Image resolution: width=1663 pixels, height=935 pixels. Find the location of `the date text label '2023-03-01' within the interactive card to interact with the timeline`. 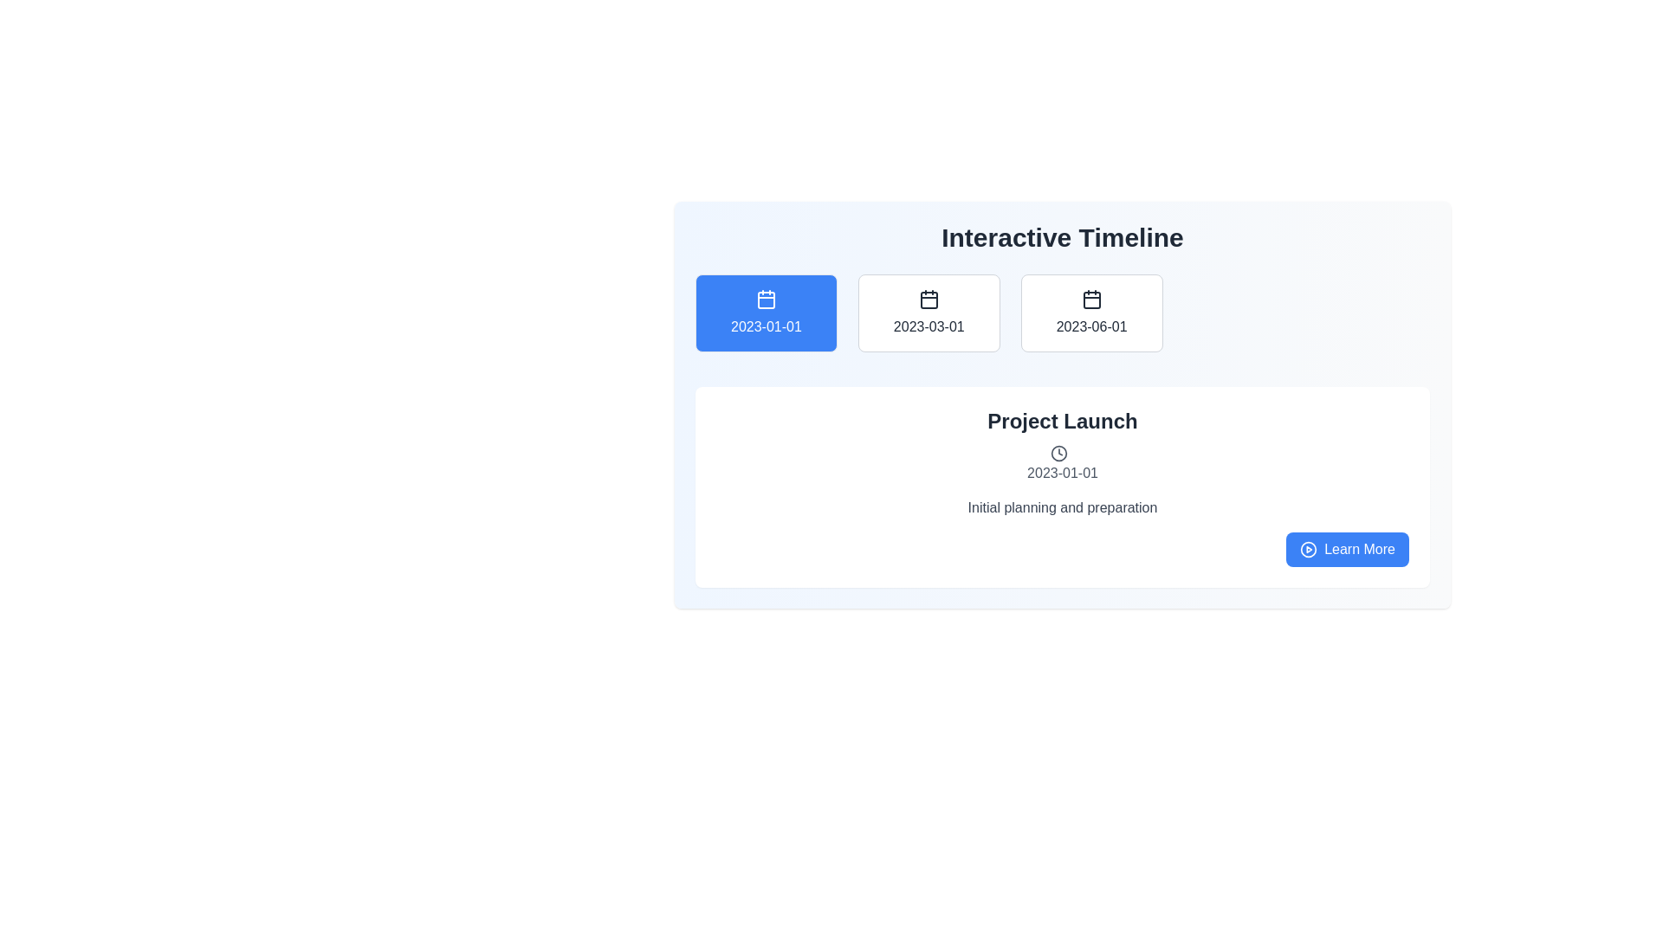

the date text label '2023-03-01' within the interactive card to interact with the timeline is located at coordinates (928, 327).